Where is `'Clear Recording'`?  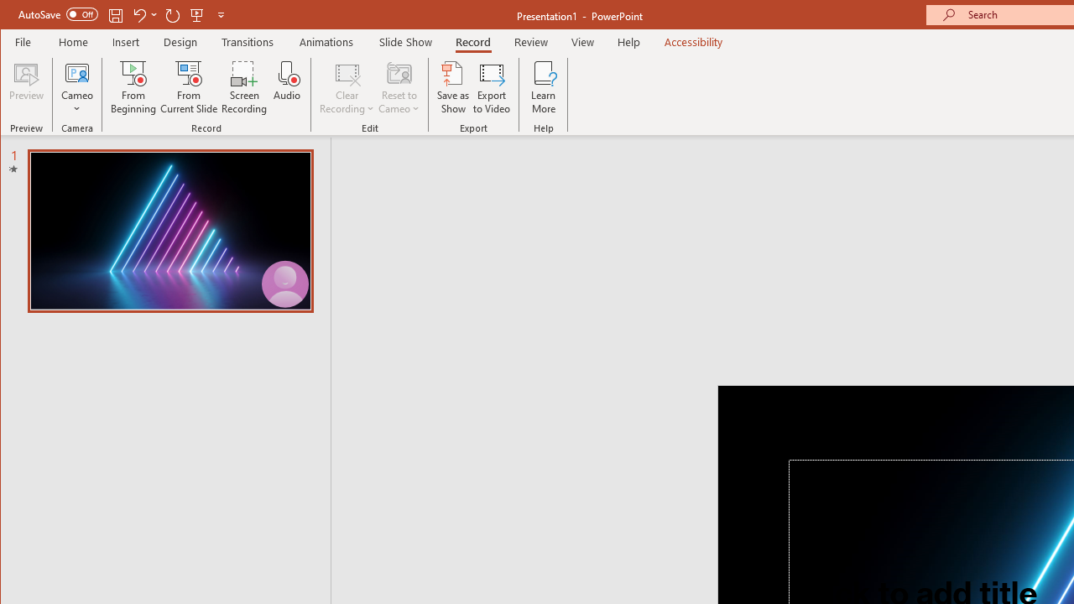
'Clear Recording' is located at coordinates (347, 87).